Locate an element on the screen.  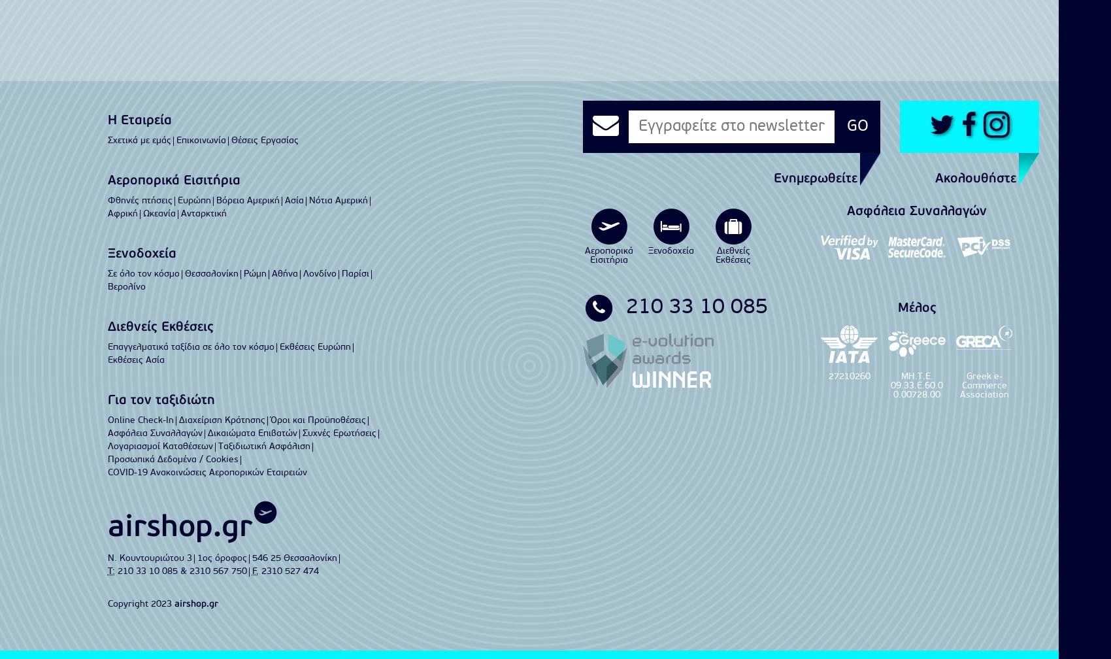
'2310 527 474' is located at coordinates (290, 571).